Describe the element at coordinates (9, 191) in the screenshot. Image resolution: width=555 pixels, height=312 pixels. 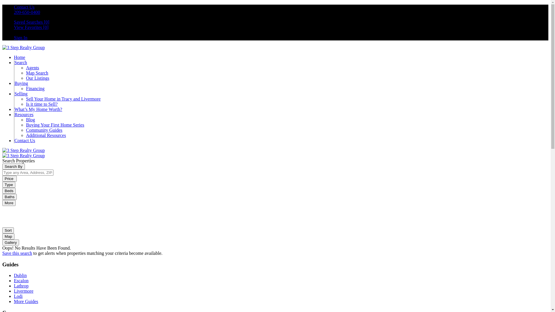
I see `'Beds'` at that location.